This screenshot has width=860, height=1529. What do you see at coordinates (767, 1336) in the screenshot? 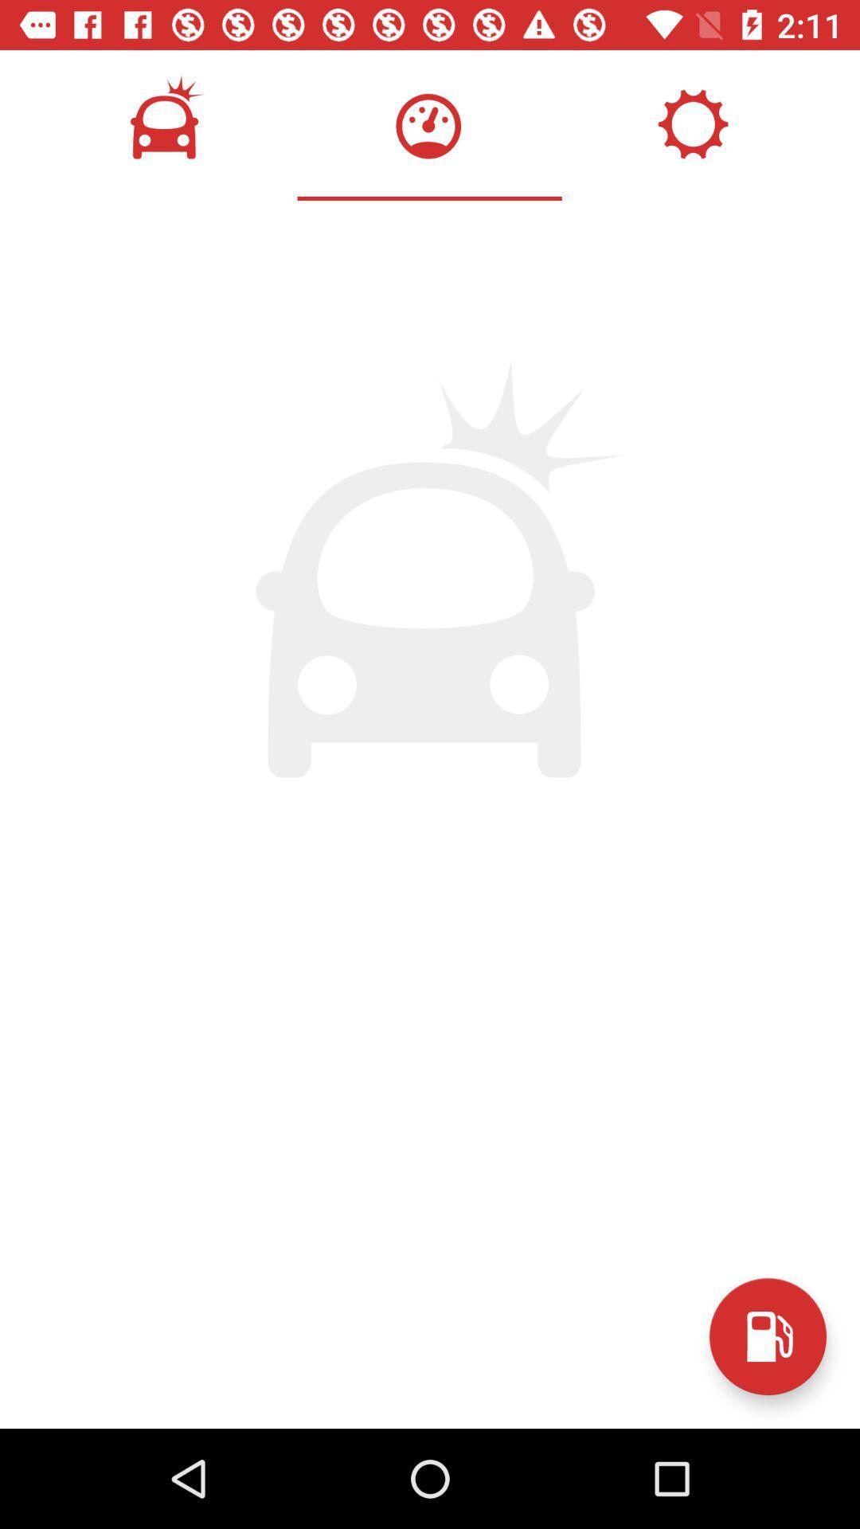
I see `icon at the bottom right corner` at bounding box center [767, 1336].